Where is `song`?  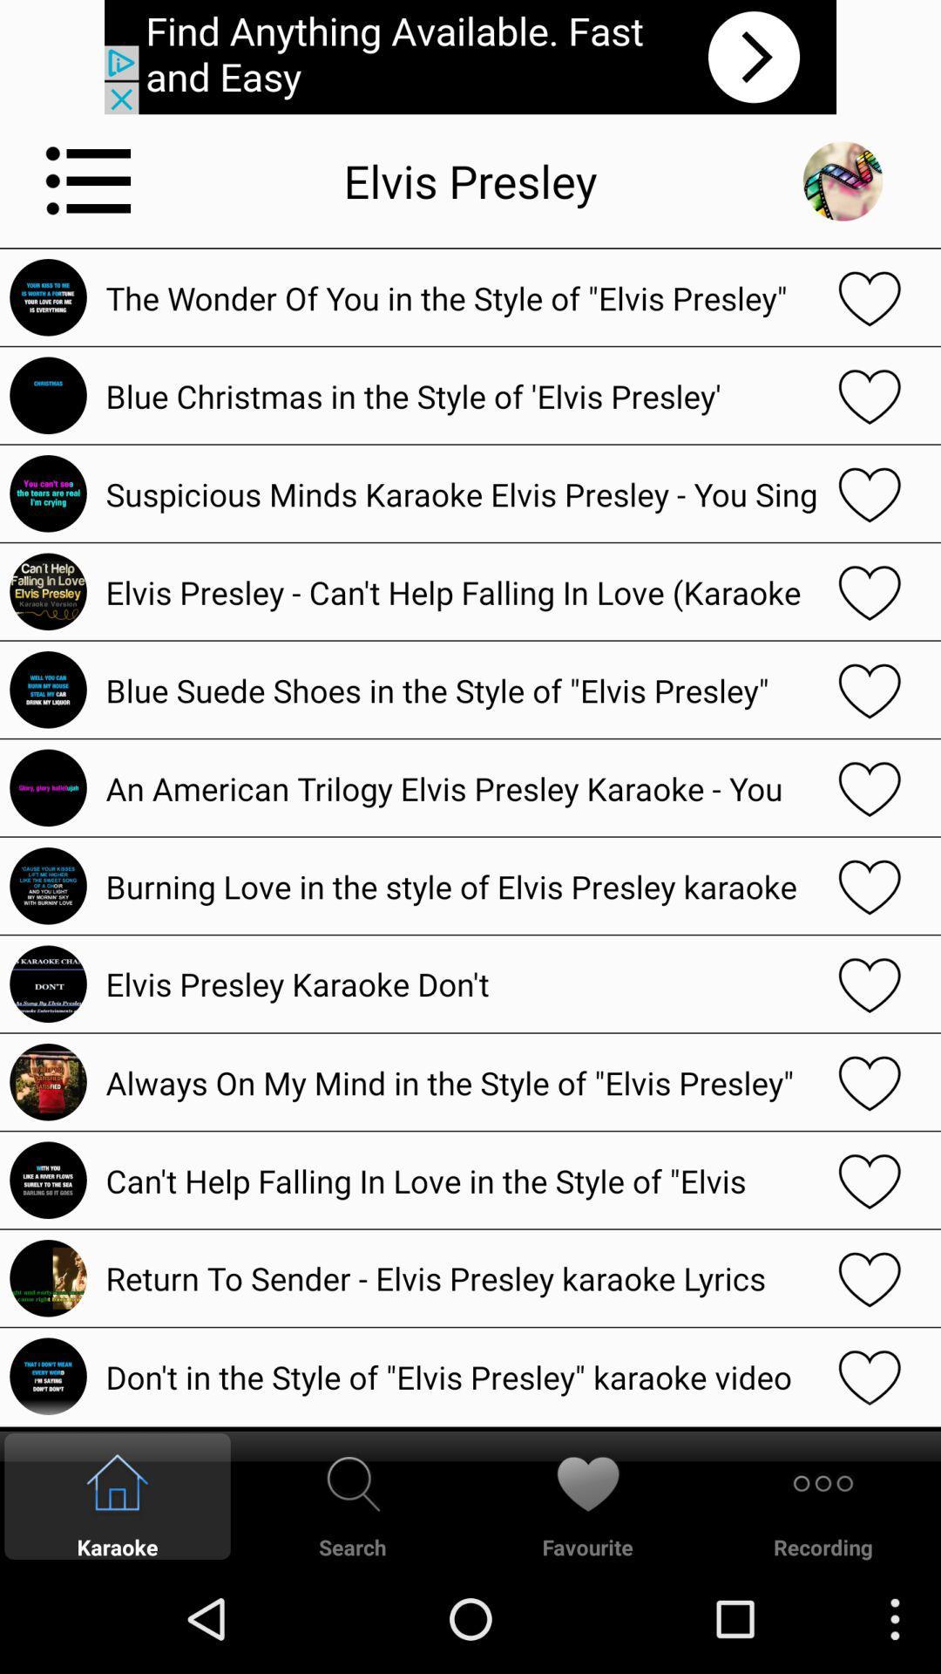 song is located at coordinates (870, 1081).